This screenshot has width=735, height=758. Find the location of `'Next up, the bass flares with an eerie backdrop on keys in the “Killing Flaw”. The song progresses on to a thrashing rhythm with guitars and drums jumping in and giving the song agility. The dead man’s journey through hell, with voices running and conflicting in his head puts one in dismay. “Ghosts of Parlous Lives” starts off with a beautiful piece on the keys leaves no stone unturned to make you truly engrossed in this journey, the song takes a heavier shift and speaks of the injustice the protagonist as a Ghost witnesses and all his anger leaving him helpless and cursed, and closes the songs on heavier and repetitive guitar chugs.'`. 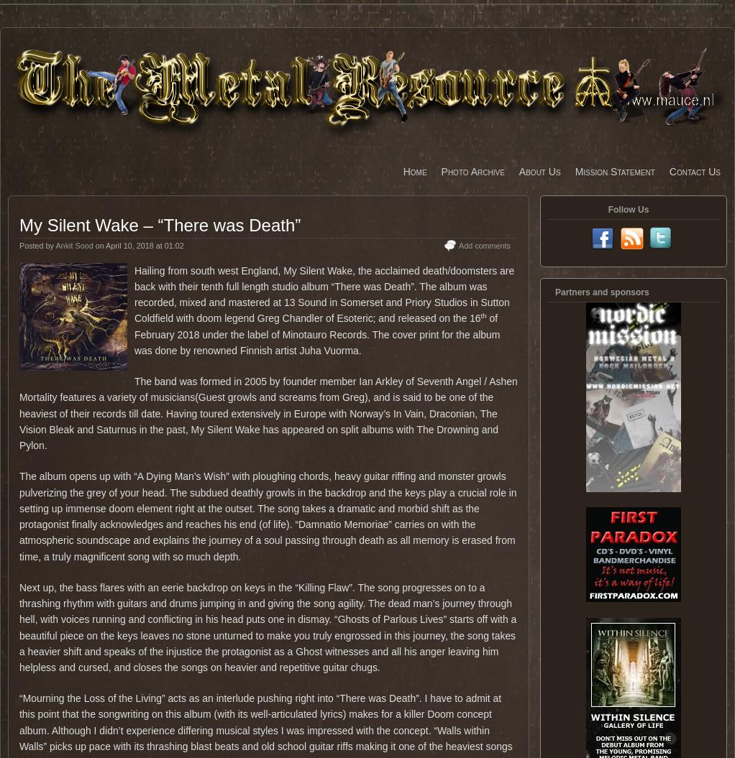

'Next up, the bass flares with an eerie backdrop on keys in the “Killing Flaw”. The song progresses on to a thrashing rhythm with guitars and drums jumping in and giving the song agility. The dead man’s journey through hell, with voices running and conflicting in his head puts one in dismay. “Ghosts of Parlous Lives” starts off with a beautiful piece on the keys leaves no stone unturned to make you truly engrossed in this journey, the song takes a heavier shift and speaks of the injustice the protagonist as a Ghost witnesses and all his anger leaving him helpless and cursed, and closes the songs on heavier and repetitive guitar chugs.' is located at coordinates (267, 627).